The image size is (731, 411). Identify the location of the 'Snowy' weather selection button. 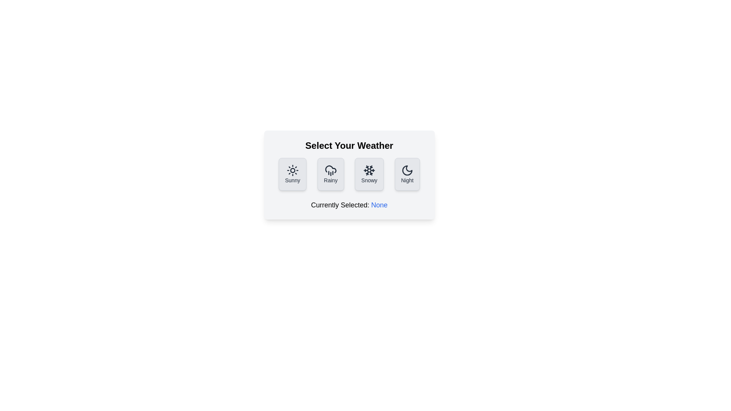
(369, 174).